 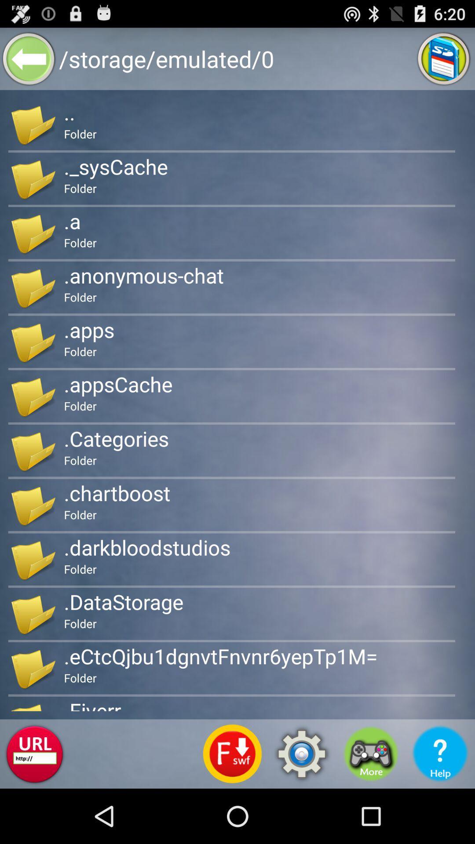 What do you see at coordinates (143, 275) in the screenshot?
I see `the .anonymous-chat` at bounding box center [143, 275].